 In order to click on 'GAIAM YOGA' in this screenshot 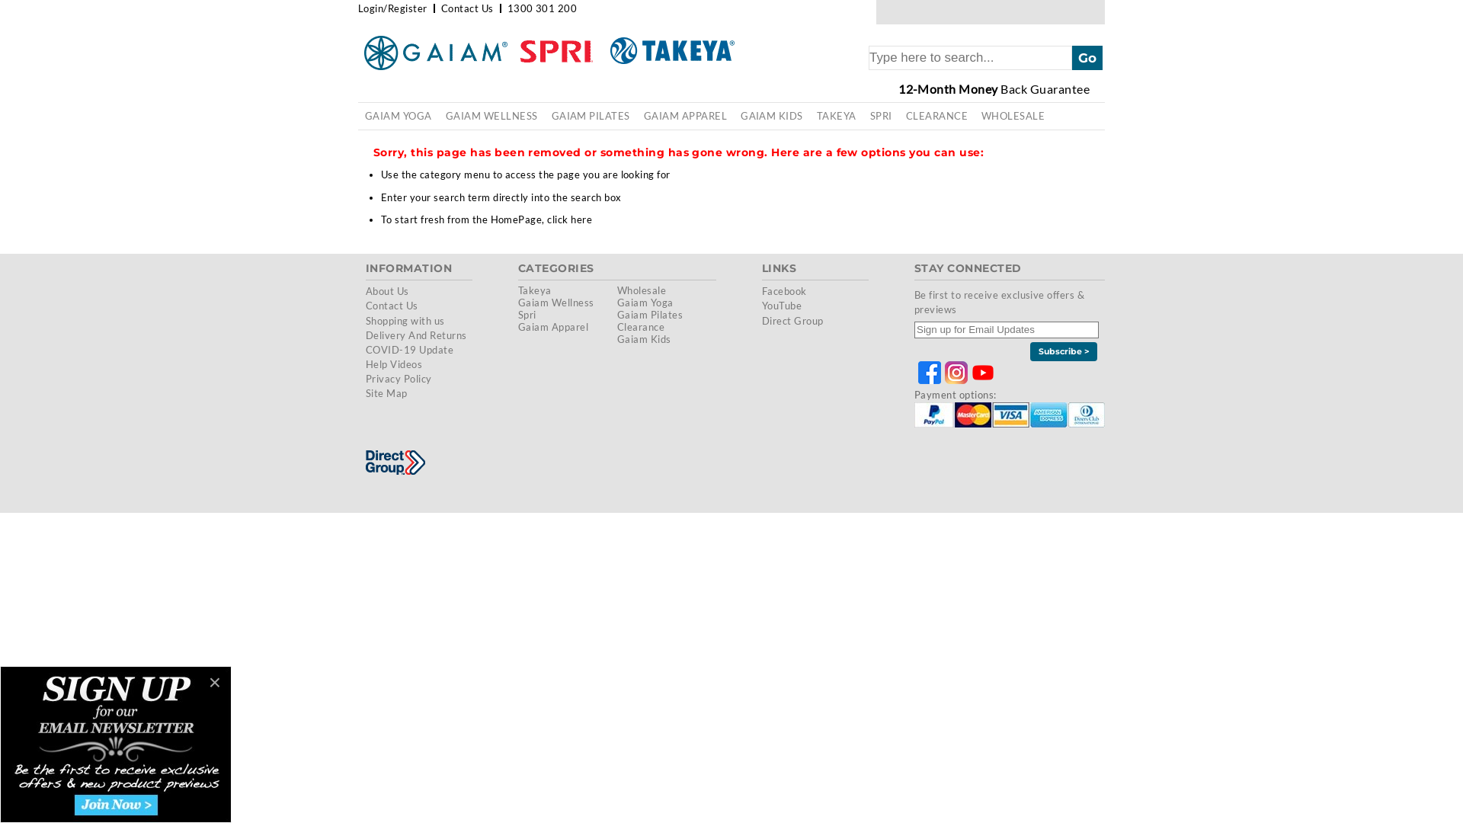, I will do `click(399, 115)`.